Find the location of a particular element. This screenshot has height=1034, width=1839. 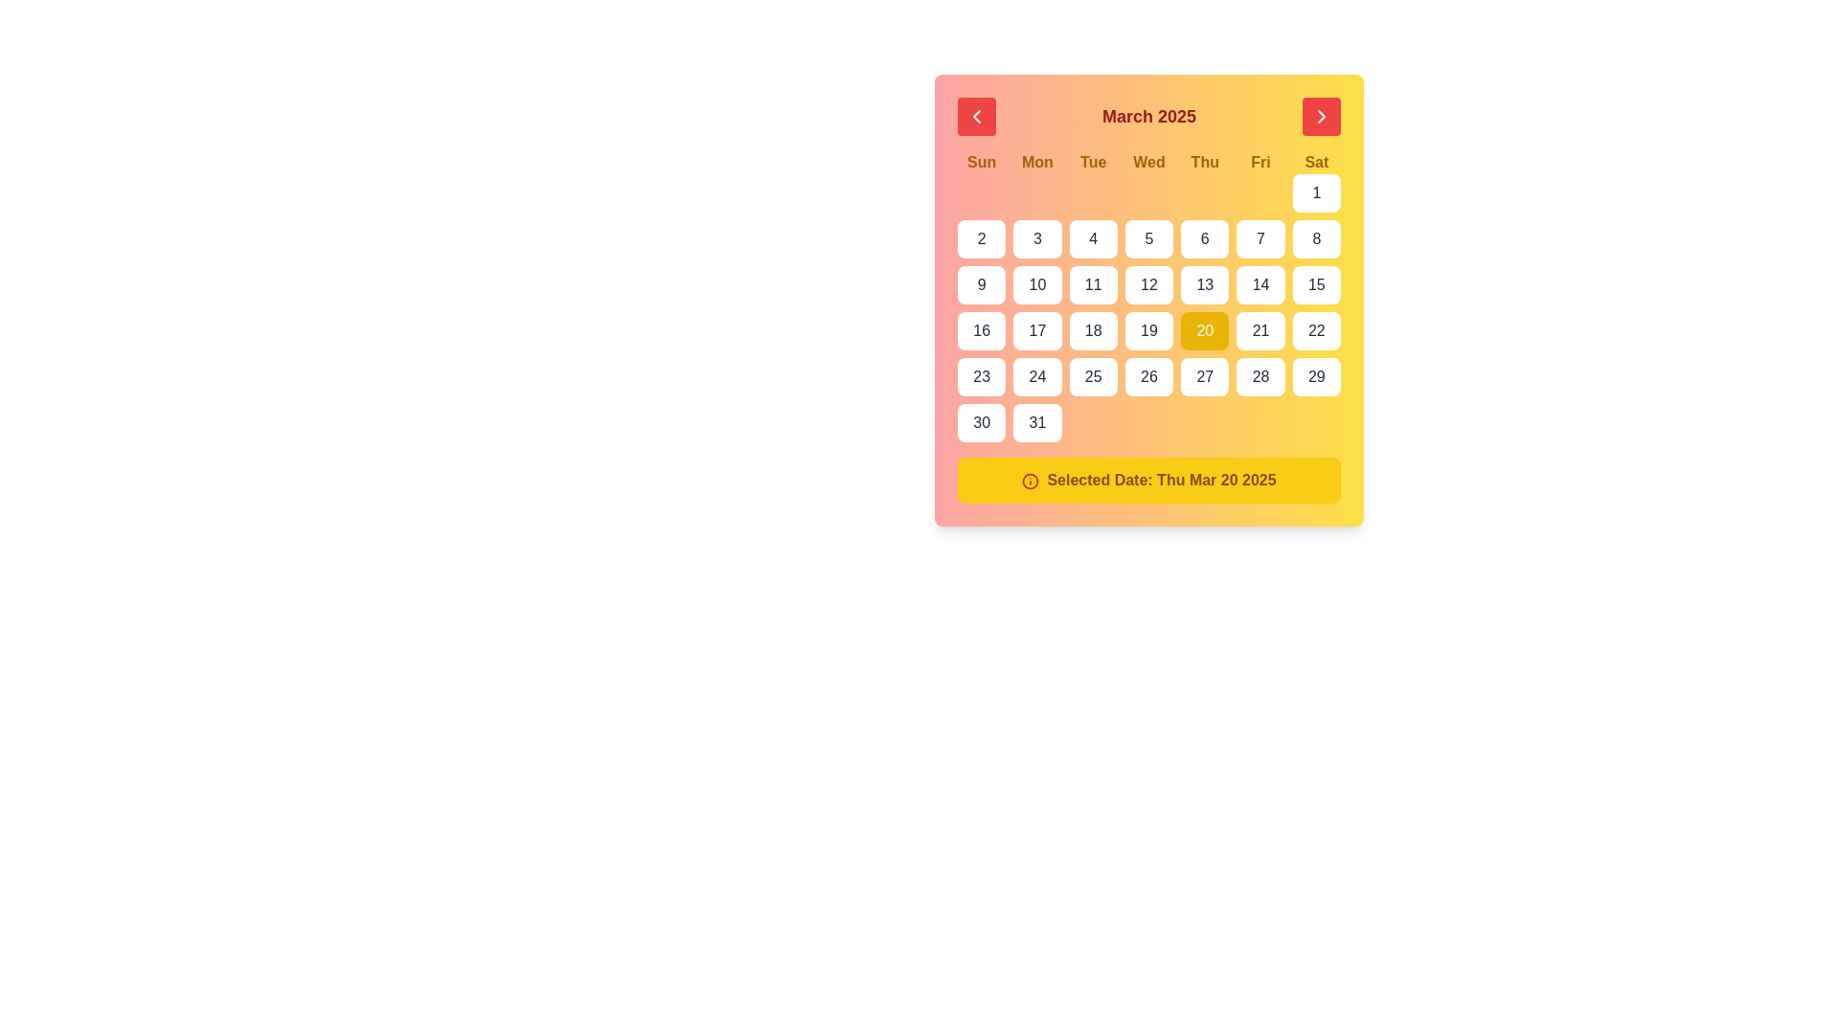

the text label displaying 'March 2025' in bold and red color, located at the top section of the calendar header is located at coordinates (1149, 117).